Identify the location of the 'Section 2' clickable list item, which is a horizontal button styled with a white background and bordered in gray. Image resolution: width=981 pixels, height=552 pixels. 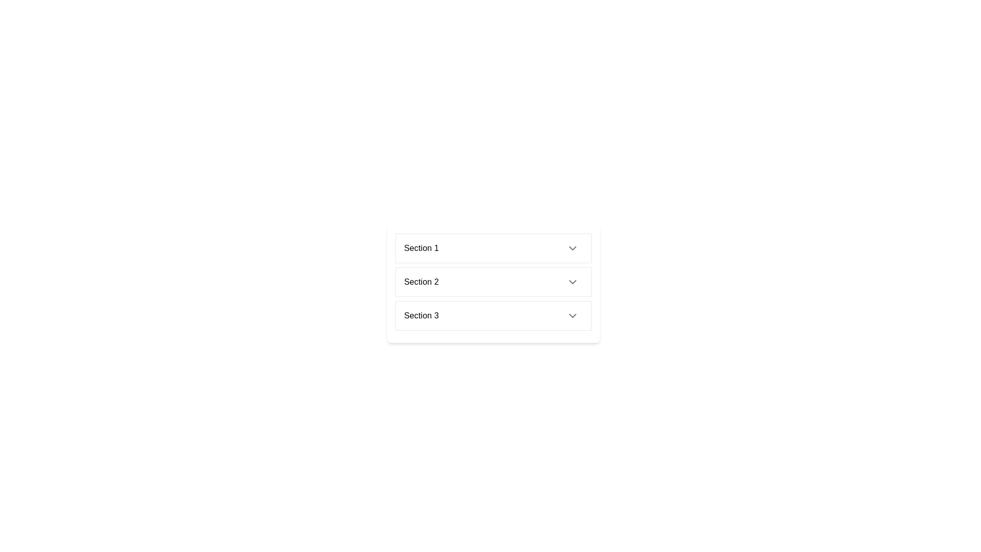
(493, 282).